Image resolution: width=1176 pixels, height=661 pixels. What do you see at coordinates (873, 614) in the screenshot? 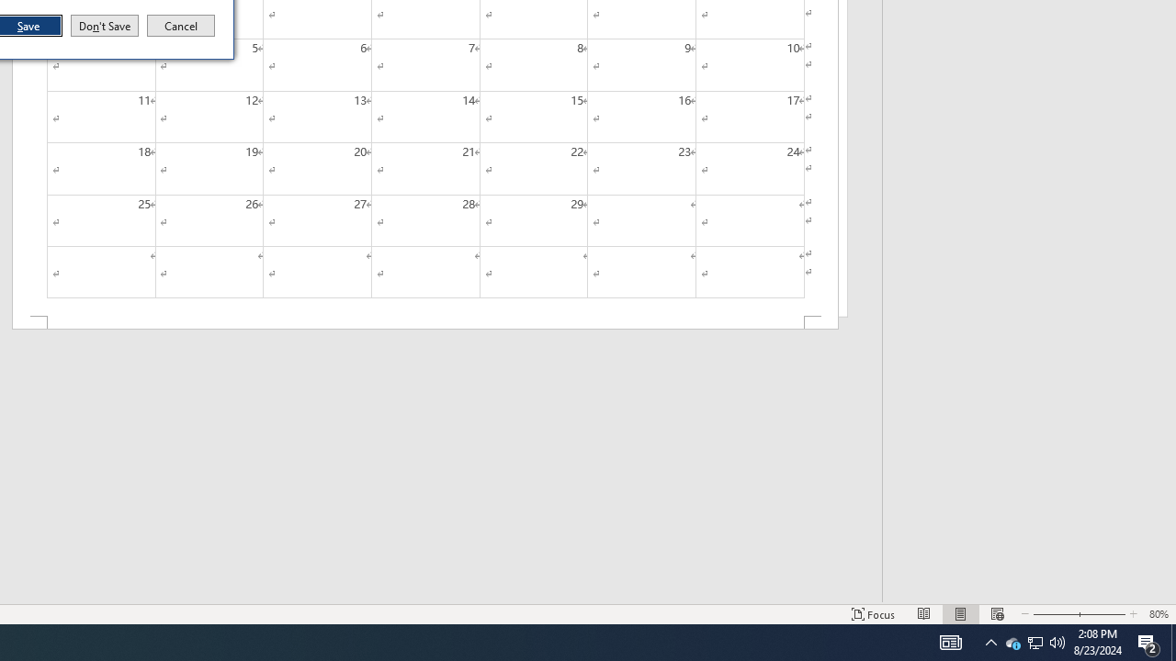
I see `'Focus '` at bounding box center [873, 614].